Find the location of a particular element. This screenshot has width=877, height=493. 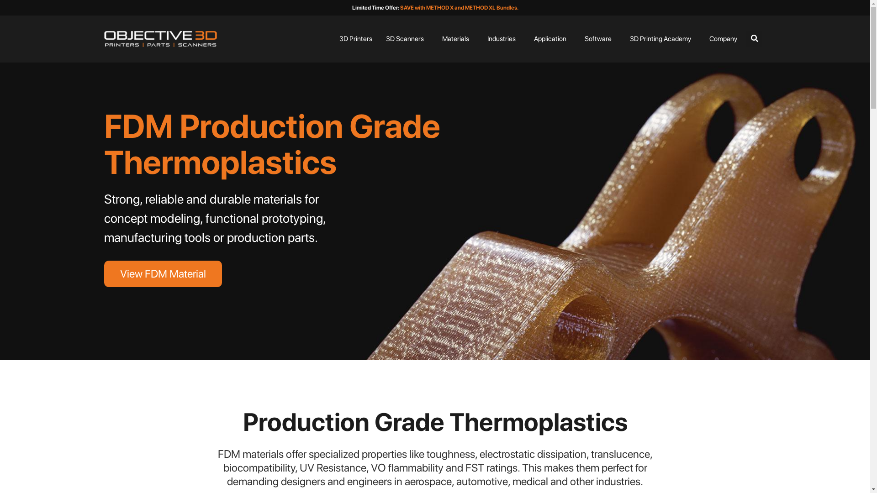

'3D Printers' is located at coordinates (339, 38).